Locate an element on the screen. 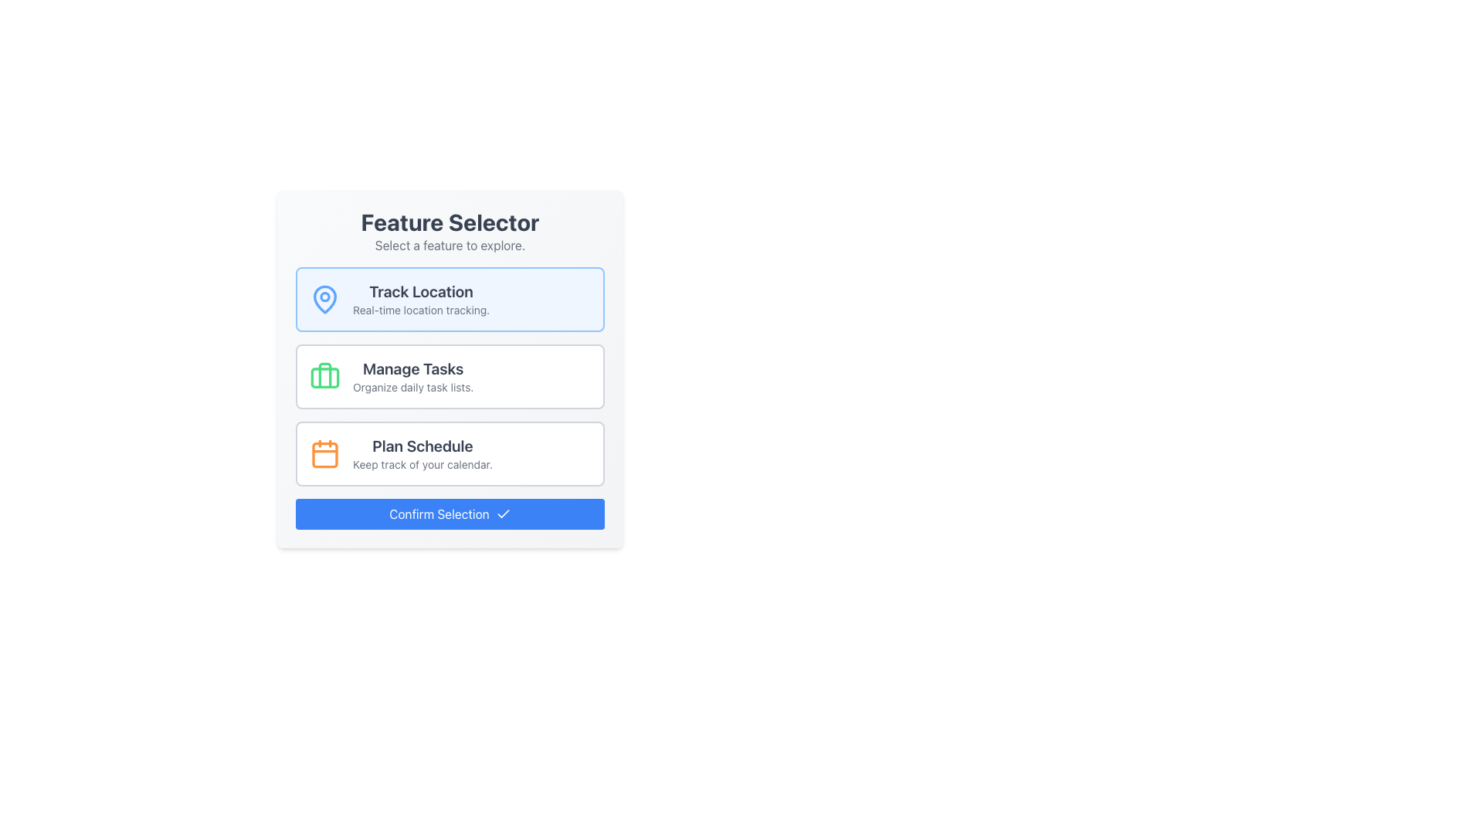 The height and width of the screenshot is (834, 1483). styling of the descriptive text label located beneath the 'Track Location' title in the 'Track Location' card is located at coordinates (421, 310).